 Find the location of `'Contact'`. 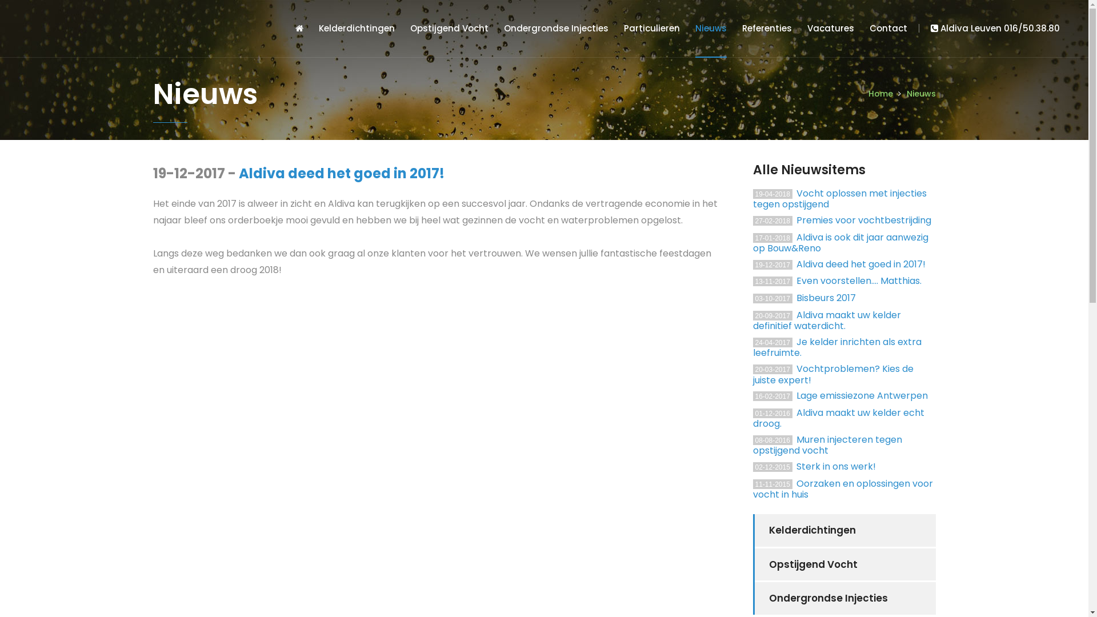

'Contact' is located at coordinates (868, 28).